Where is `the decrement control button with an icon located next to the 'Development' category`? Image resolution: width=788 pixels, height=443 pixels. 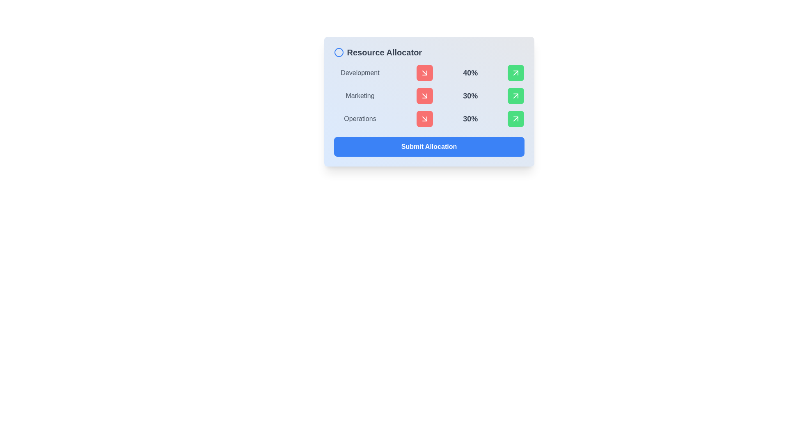
the decrement control button with an icon located next to the 'Development' category is located at coordinates (428, 72).